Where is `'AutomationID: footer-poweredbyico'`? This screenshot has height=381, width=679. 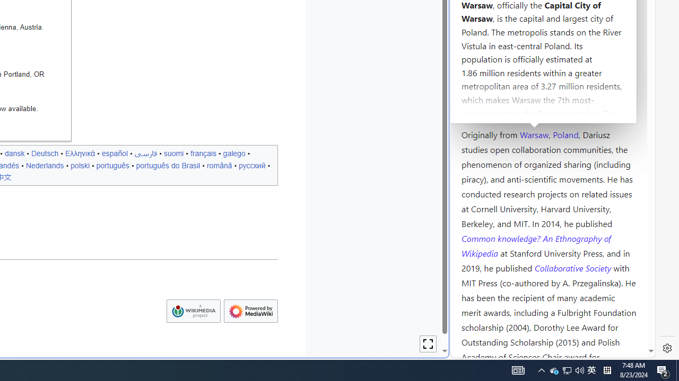
'AutomationID: footer-poweredbyico' is located at coordinates (250, 311).